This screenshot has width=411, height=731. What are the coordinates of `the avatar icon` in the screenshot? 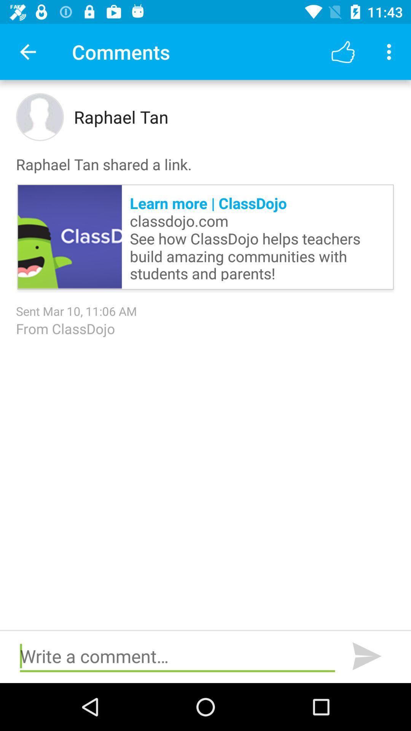 It's located at (40, 117).